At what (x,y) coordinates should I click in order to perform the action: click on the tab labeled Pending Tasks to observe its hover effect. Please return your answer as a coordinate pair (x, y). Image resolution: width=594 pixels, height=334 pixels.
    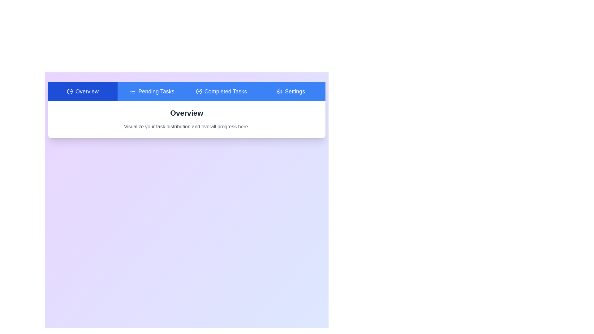
    Looking at the image, I should click on (152, 92).